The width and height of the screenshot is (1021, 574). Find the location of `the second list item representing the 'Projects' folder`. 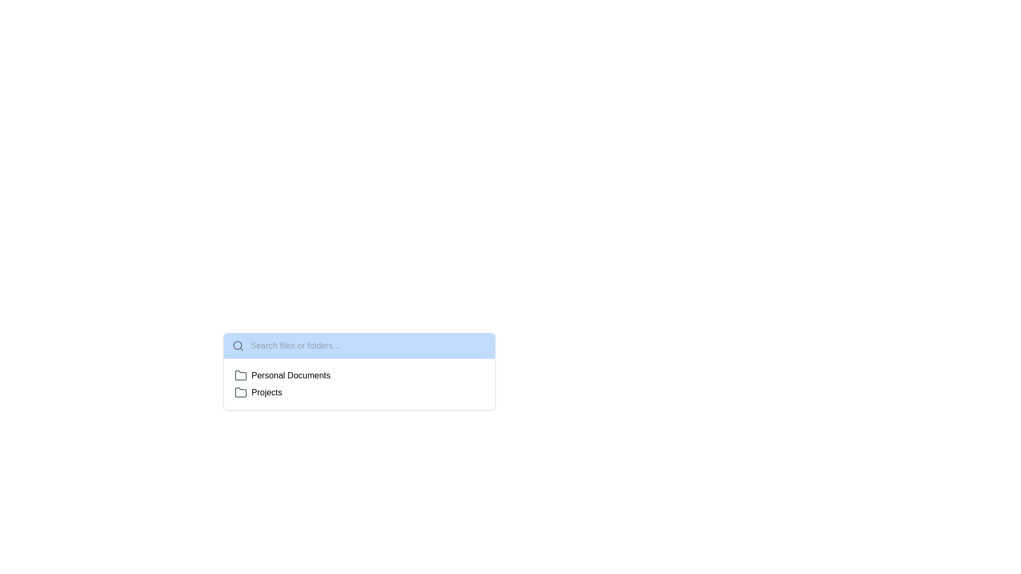

the second list item representing the 'Projects' folder is located at coordinates (359, 393).